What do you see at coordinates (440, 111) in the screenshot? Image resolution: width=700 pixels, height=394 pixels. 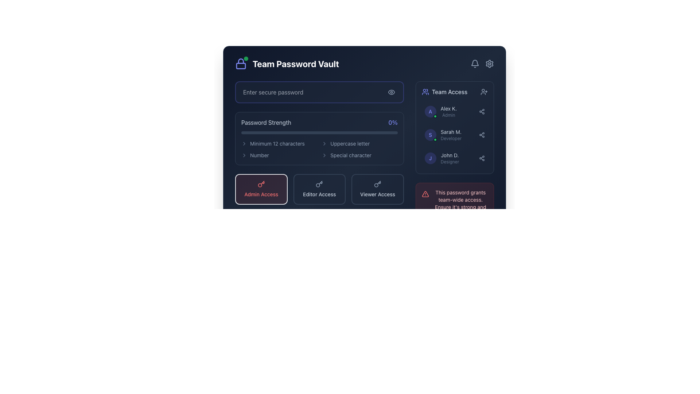 I see `the Profile summary display for 'Alex K.'` at bounding box center [440, 111].